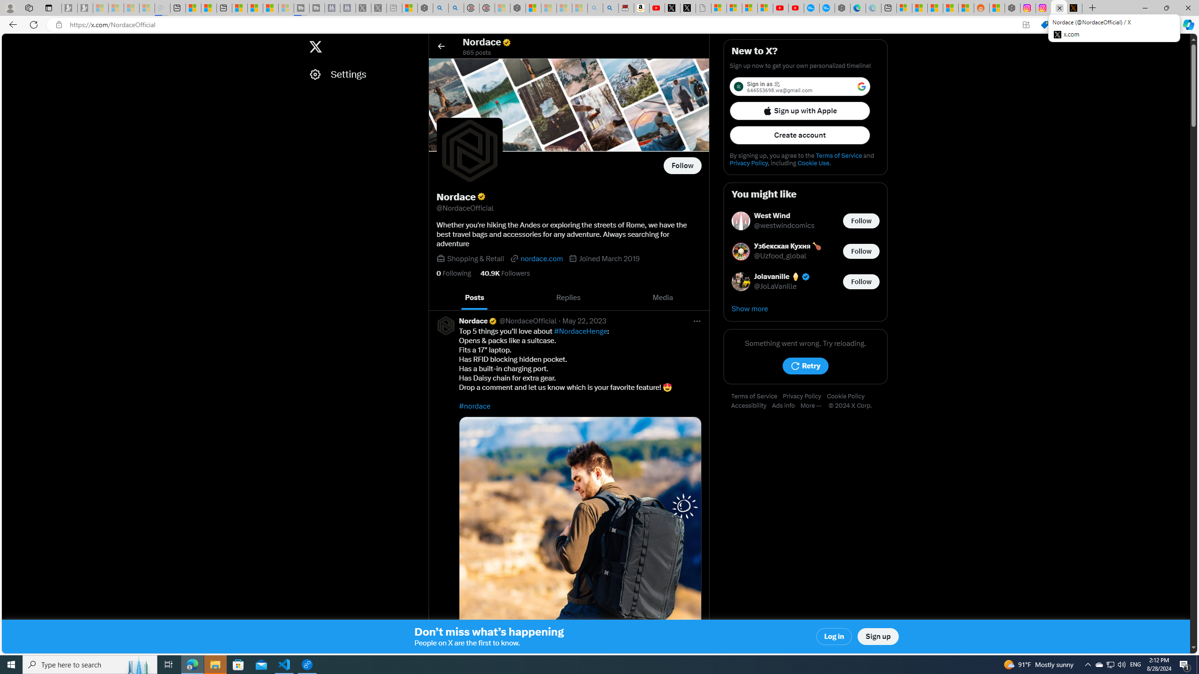 The image size is (1199, 674). Describe the element at coordinates (756, 396) in the screenshot. I see `'Terms of Service'` at that location.